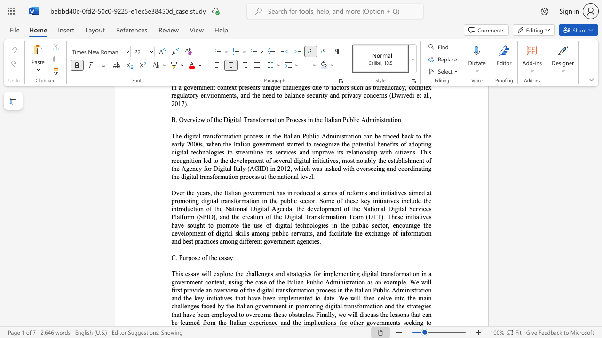  What do you see at coordinates (220, 322) in the screenshot?
I see `the subset text "he Italian experience and the implications for other go" within the text "overcome these obstacles. Finally, we will discuss the lessons that can be learned from the Italian experience and the implications for other governments"` at bounding box center [220, 322].